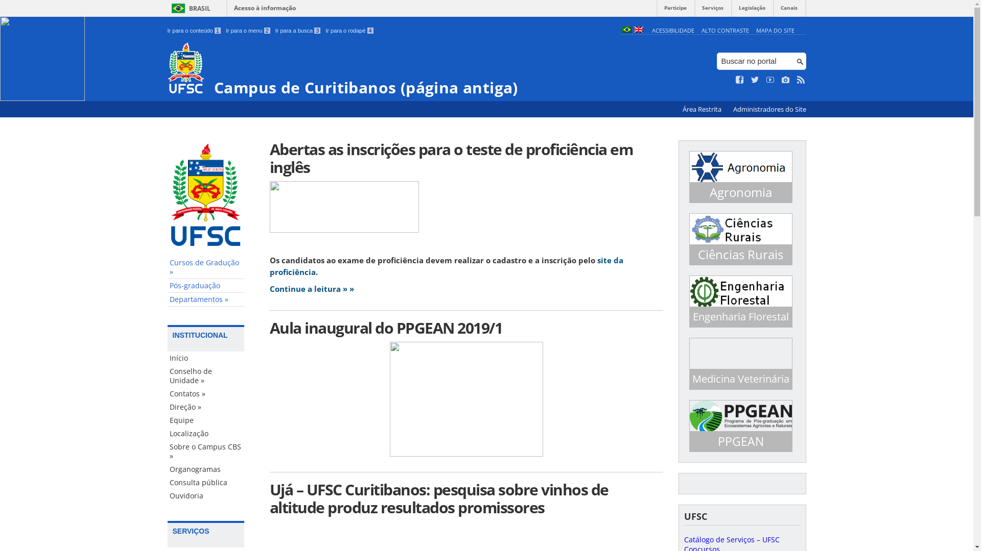 This screenshot has height=551, width=981. Describe the element at coordinates (657, 10) in the screenshot. I see `'Participe'` at that location.